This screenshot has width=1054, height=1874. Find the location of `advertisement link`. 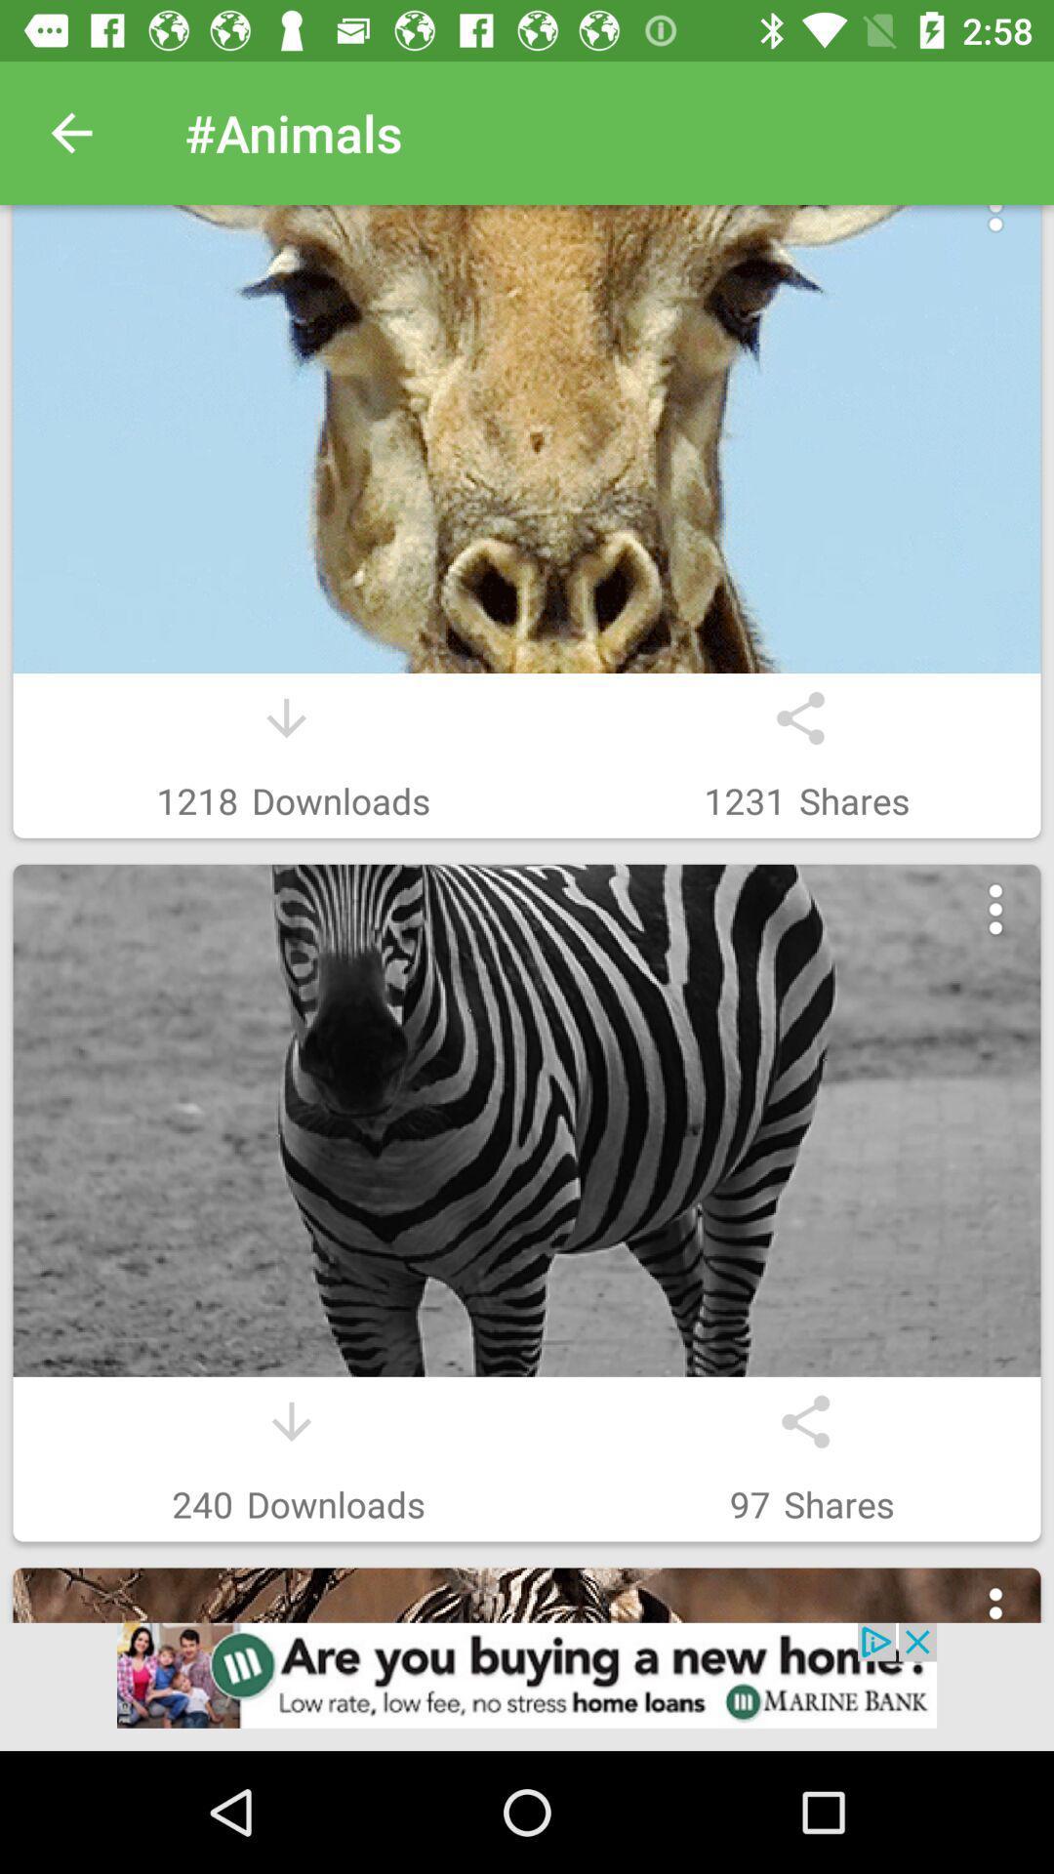

advertisement link is located at coordinates (527, 1686).